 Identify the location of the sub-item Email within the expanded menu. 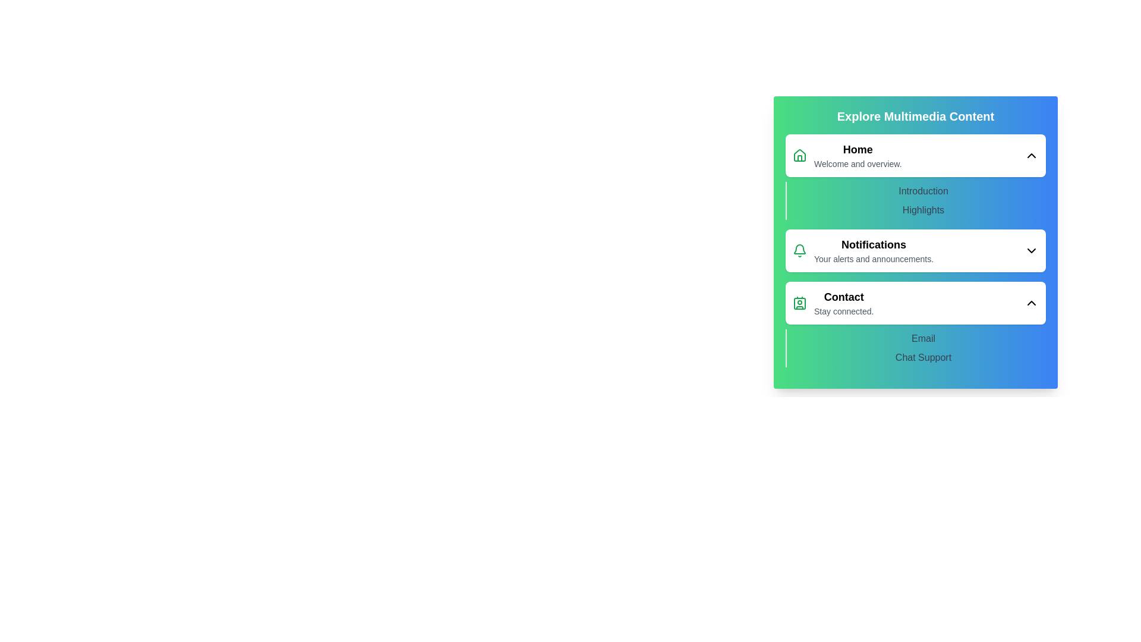
(923, 339).